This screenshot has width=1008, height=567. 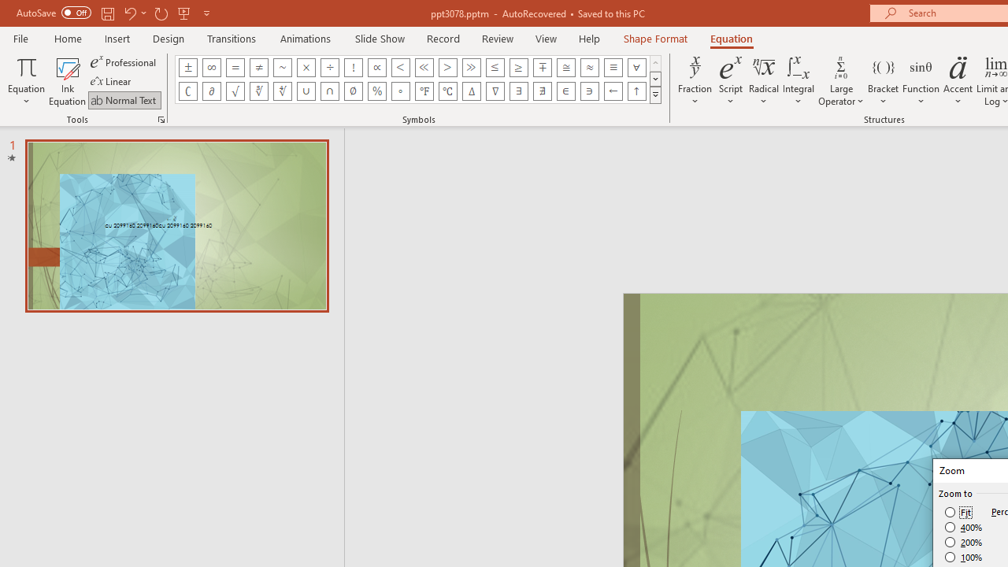 What do you see at coordinates (352, 91) in the screenshot?
I see `'Equation Symbol Empty Set'` at bounding box center [352, 91].